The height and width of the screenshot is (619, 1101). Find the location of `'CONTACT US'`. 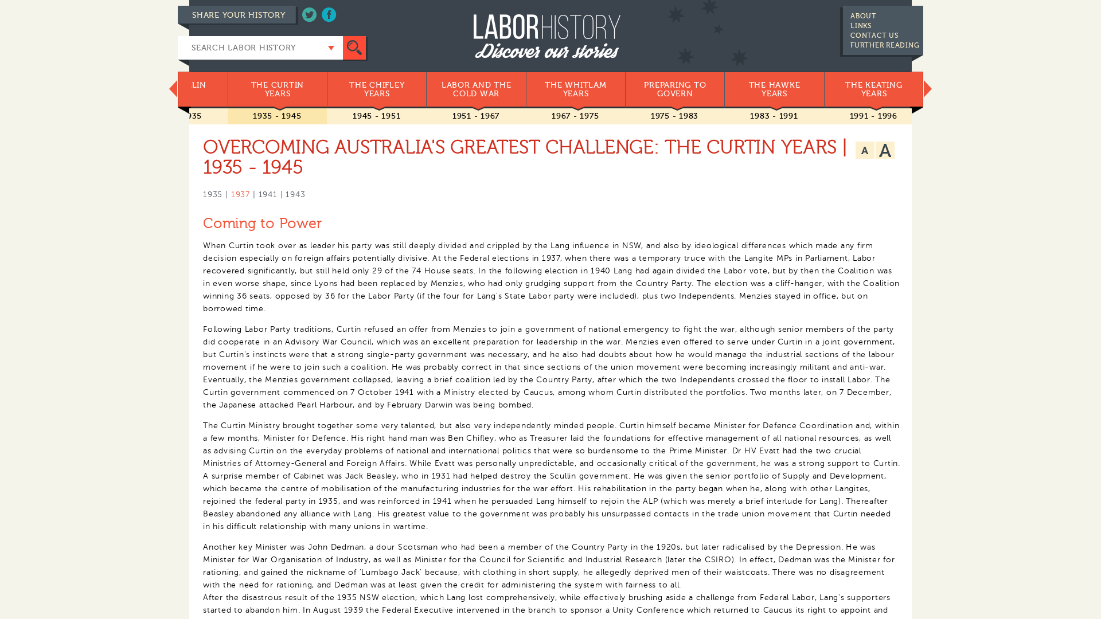

'CONTACT US' is located at coordinates (874, 34).